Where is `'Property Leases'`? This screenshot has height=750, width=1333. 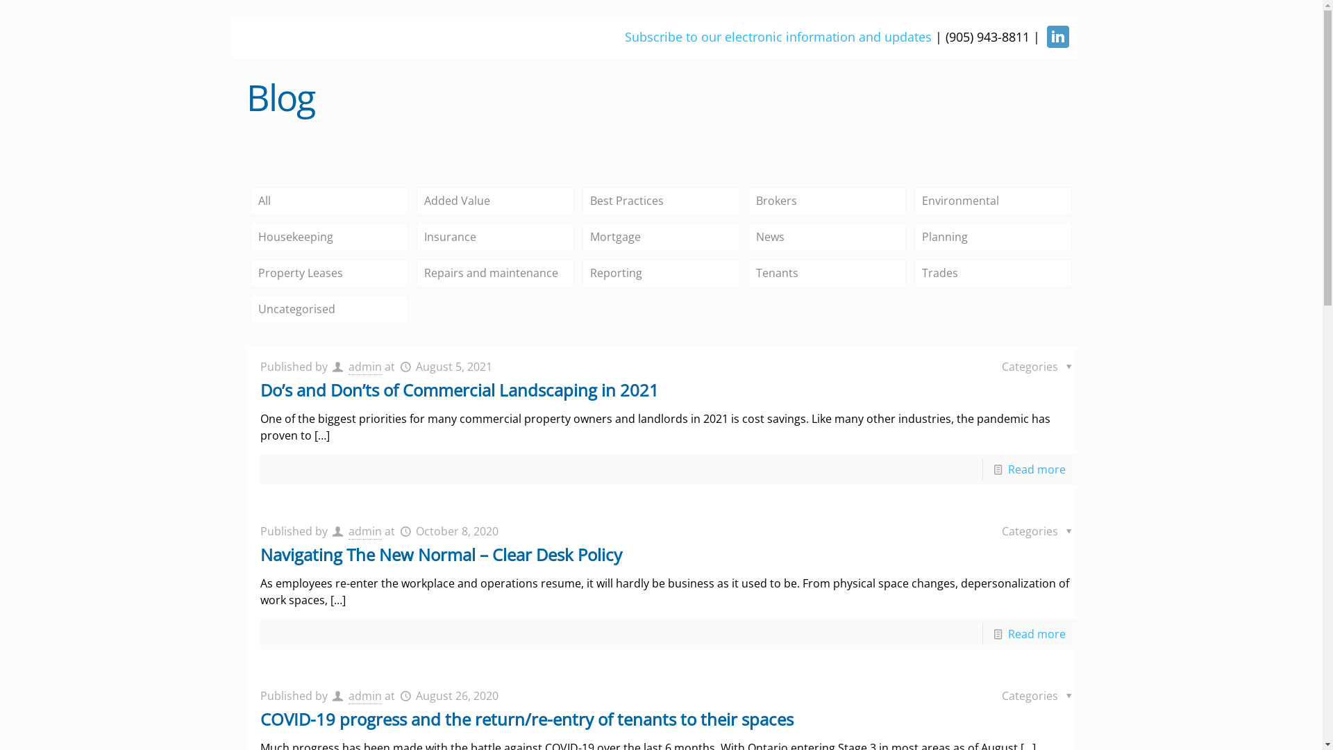 'Property Leases' is located at coordinates (328, 273).